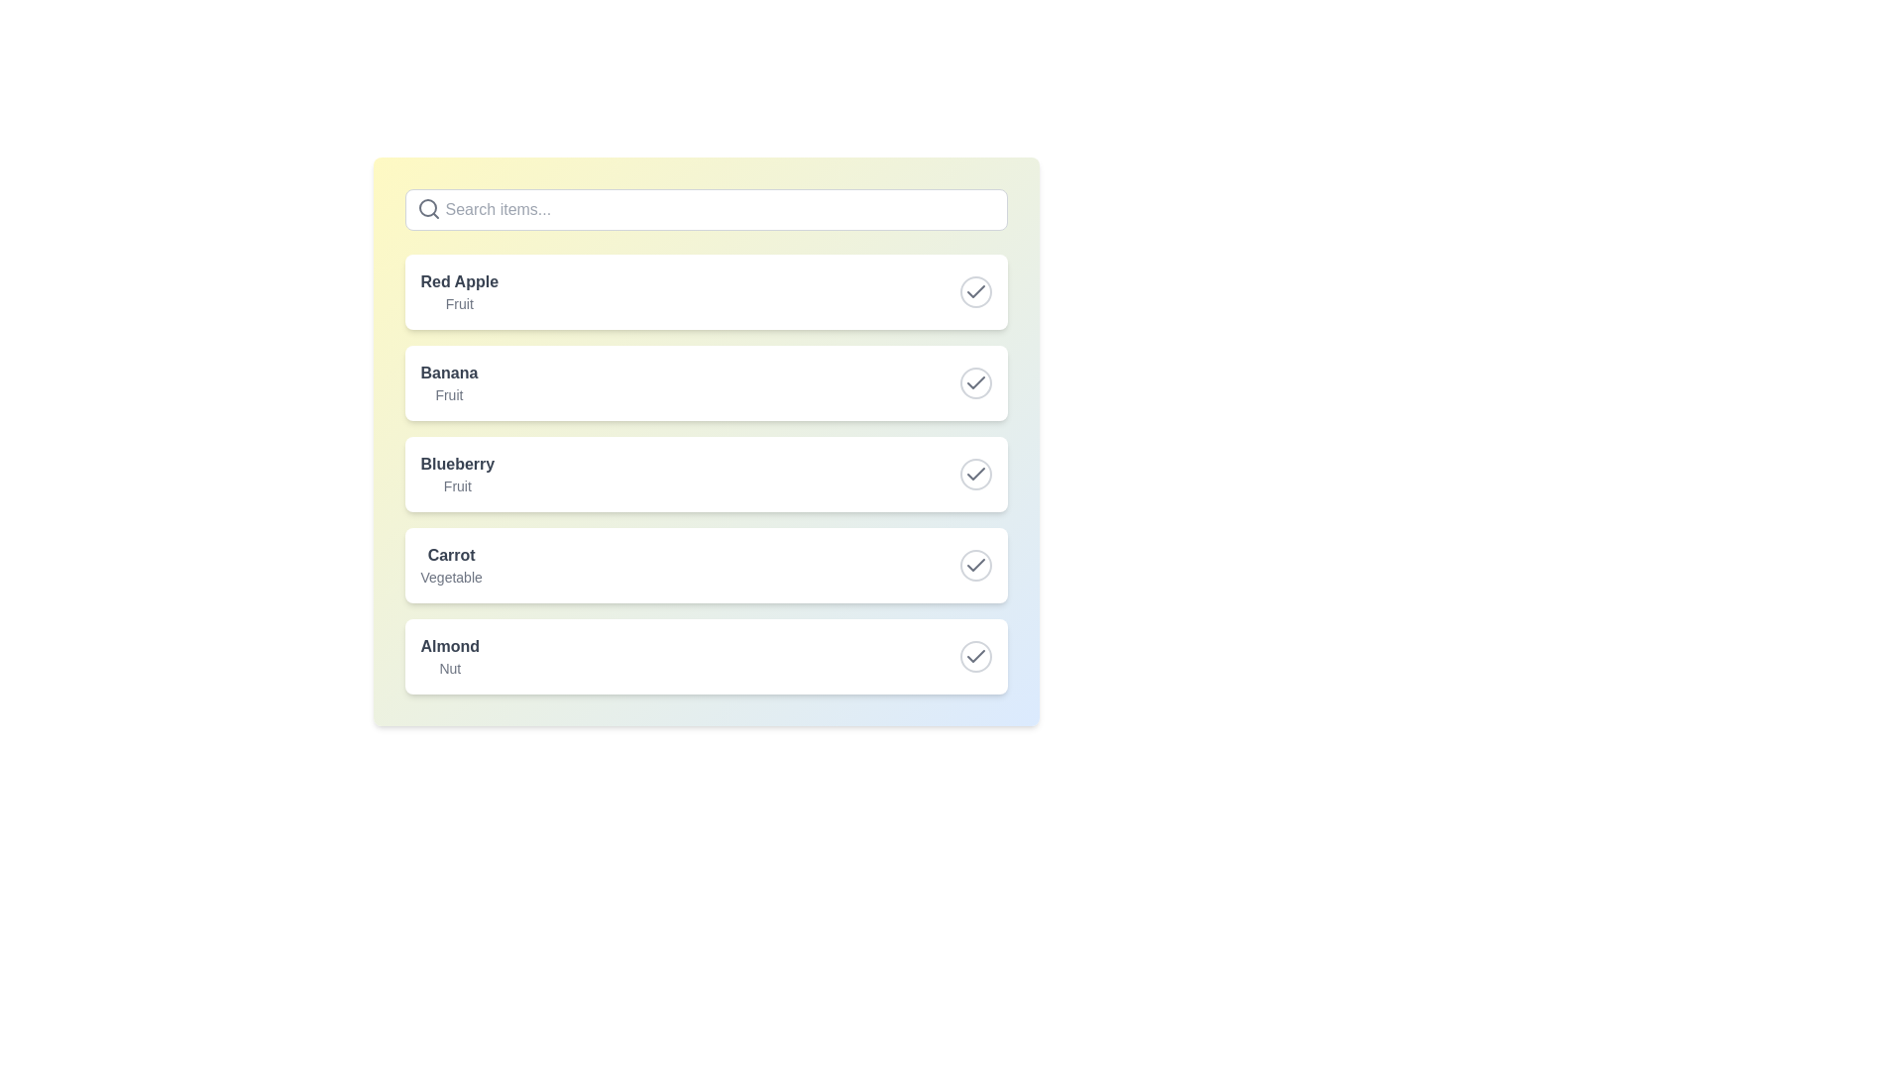 This screenshot has height=1070, width=1903. What do you see at coordinates (458, 282) in the screenshot?
I see `text label 'Red Apple' located at the top of the list, styled in bold gray font, positioned directly above the descriptor 'Fruit'` at bounding box center [458, 282].